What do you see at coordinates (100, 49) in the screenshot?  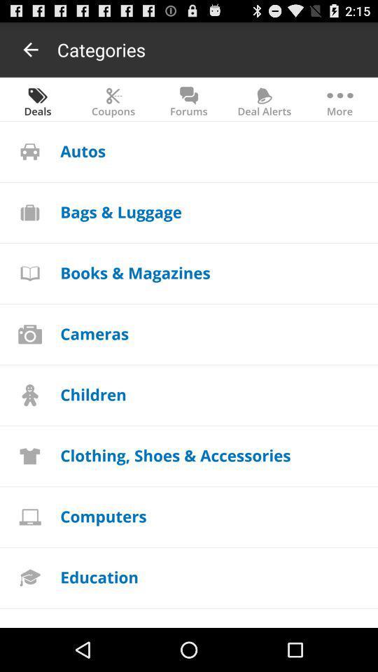 I see `categories` at bounding box center [100, 49].